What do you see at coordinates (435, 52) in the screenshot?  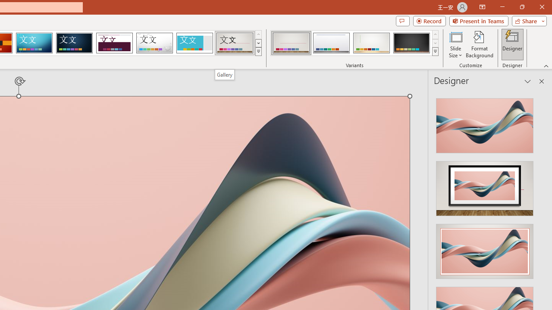 I see `'Variants'` at bounding box center [435, 52].